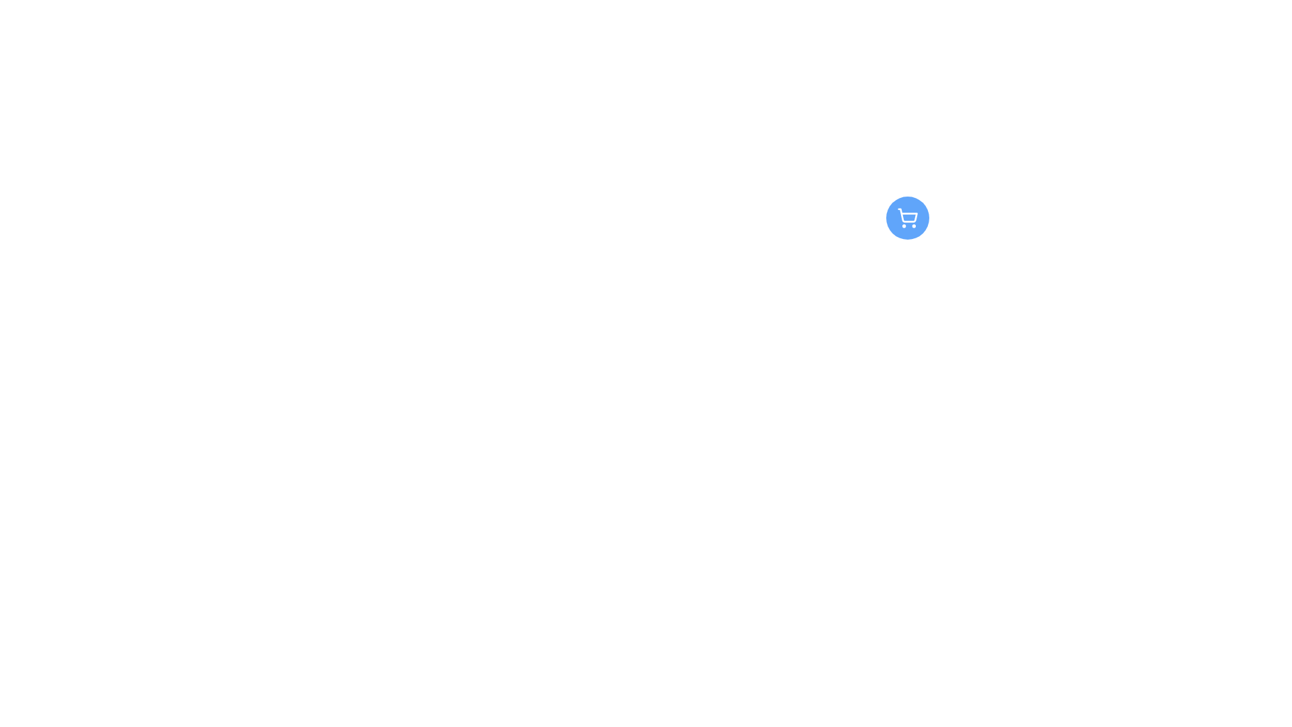 The image size is (1292, 727). What do you see at coordinates (907, 217) in the screenshot?
I see `the blue circular button with a white shopping cart icon at its center` at bounding box center [907, 217].